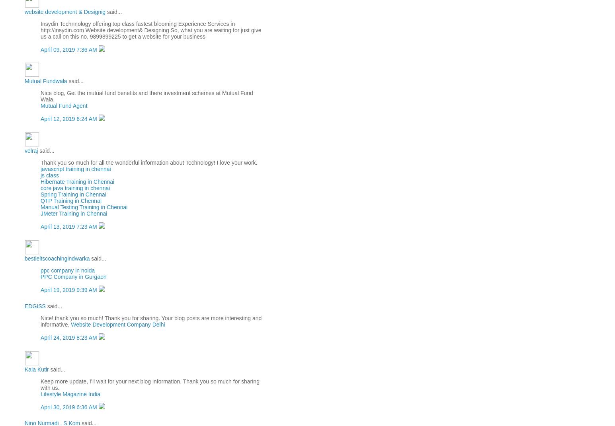 This screenshot has width=615, height=426. Describe the element at coordinates (118, 324) in the screenshot. I see `'Website Development Company Delhi'` at that location.